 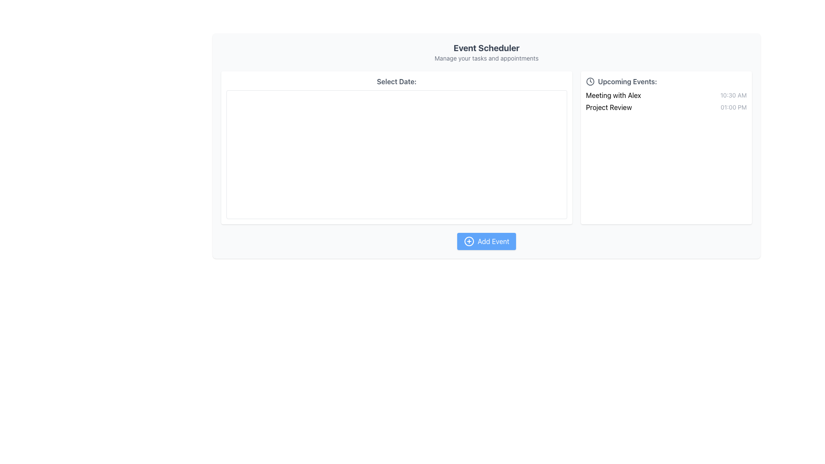 What do you see at coordinates (468, 241) in the screenshot?
I see `the small circular icon with a plus symbol, located within the 'Add Event' button, positioned to the left of the 'Add Event' text` at bounding box center [468, 241].